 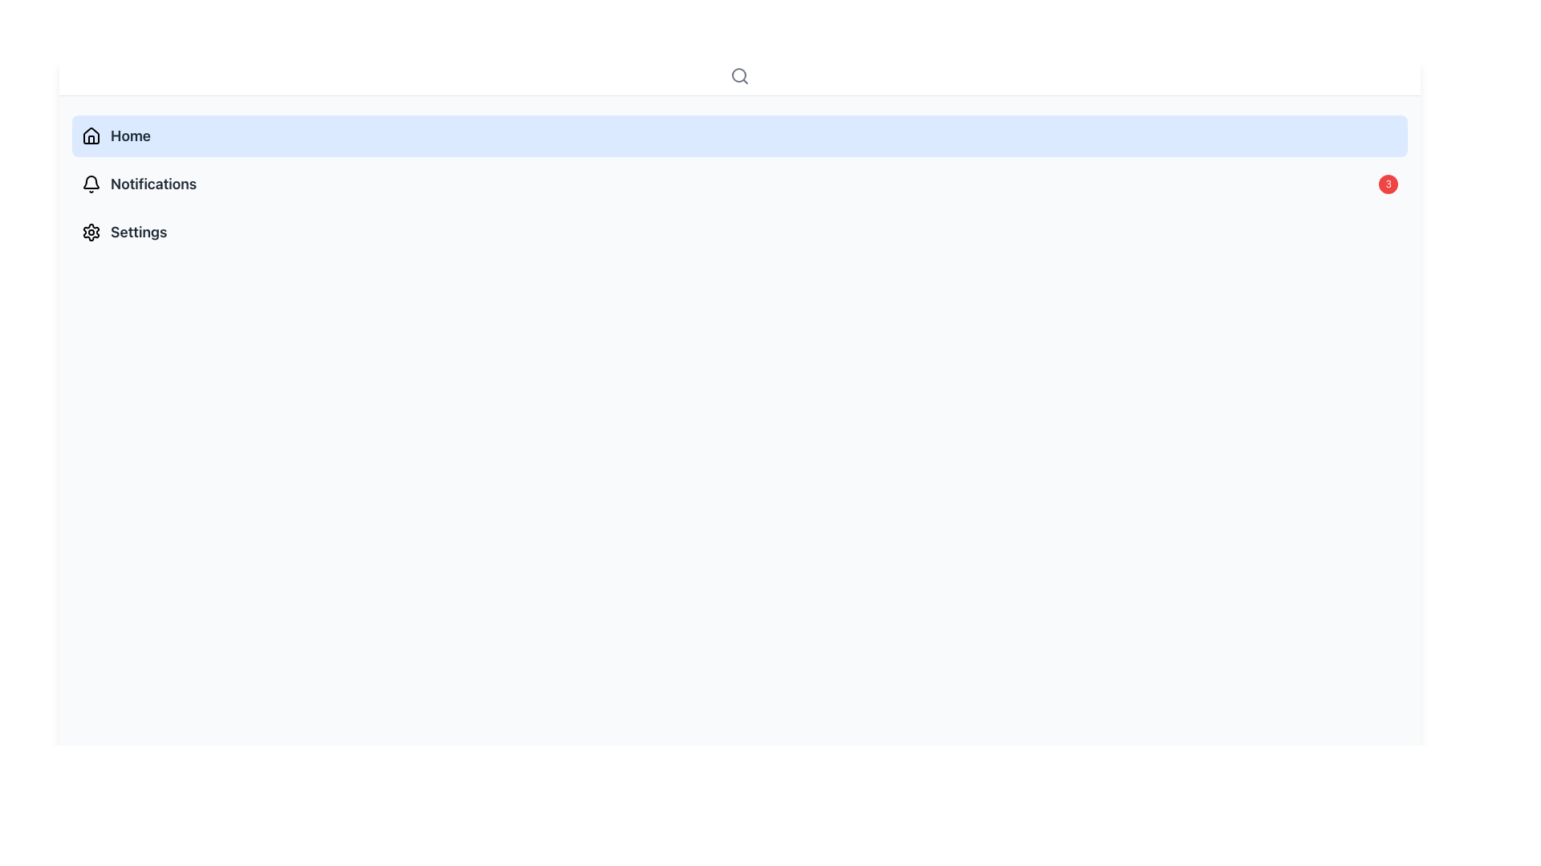 What do you see at coordinates (91, 232) in the screenshot?
I see `the settings icon resembling a cogwheel, which is the third item in the vertical navigation menu` at bounding box center [91, 232].